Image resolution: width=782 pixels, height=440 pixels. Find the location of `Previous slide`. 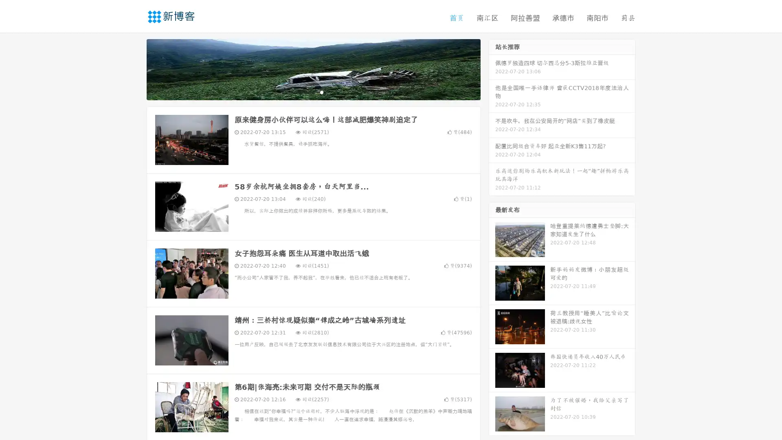

Previous slide is located at coordinates (134, 68).